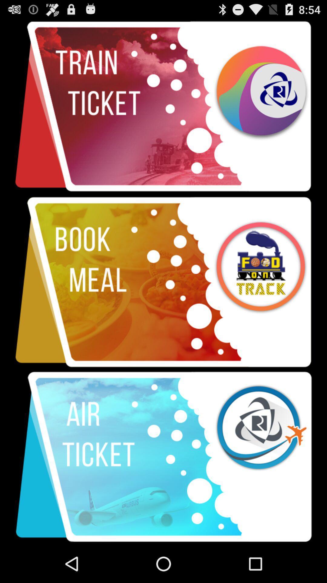 The height and width of the screenshot is (583, 327). I want to click on the item at the bottom, so click(163, 457).